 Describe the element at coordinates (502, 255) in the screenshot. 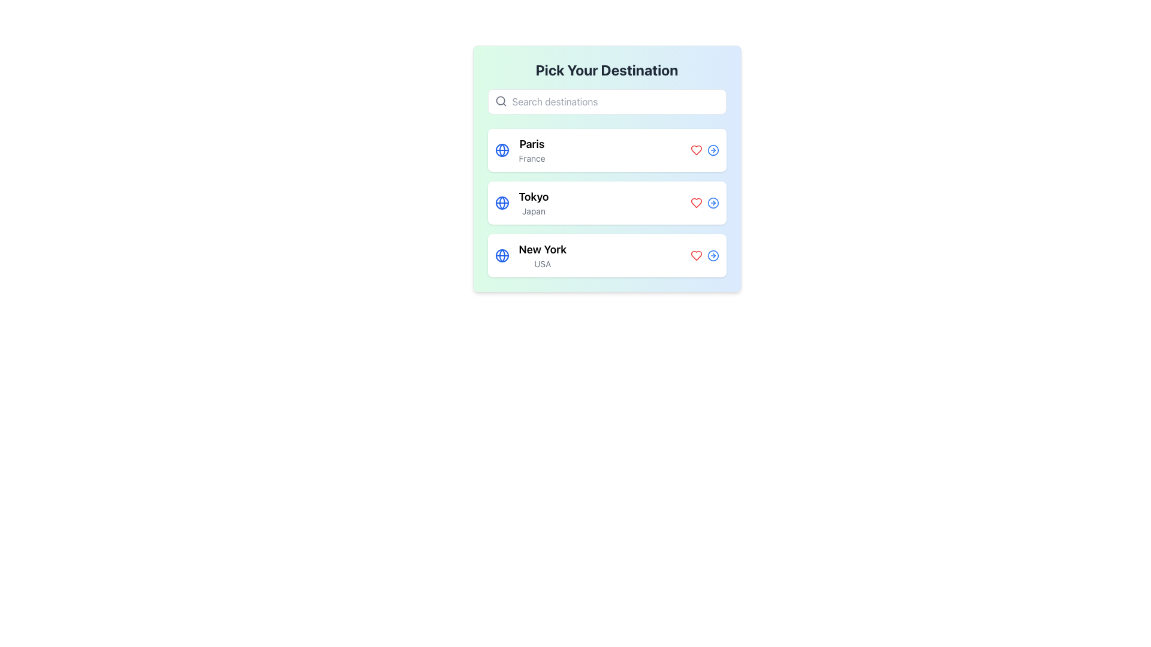

I see `the globe icon indicating international context for the 'New York' entry, located on the left side of the entry` at that location.